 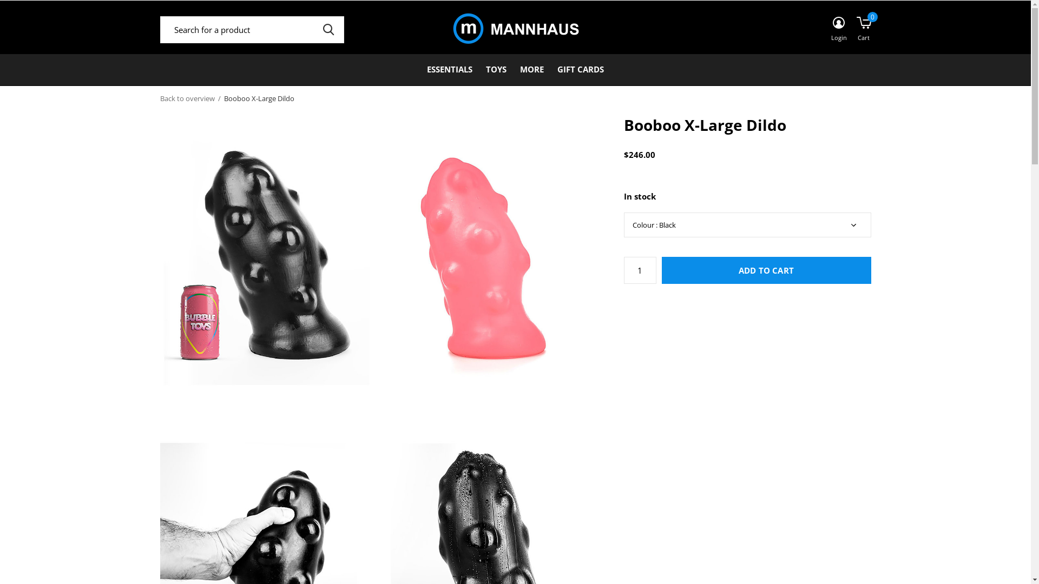 I want to click on 'GIFT CARDS', so click(x=580, y=69).